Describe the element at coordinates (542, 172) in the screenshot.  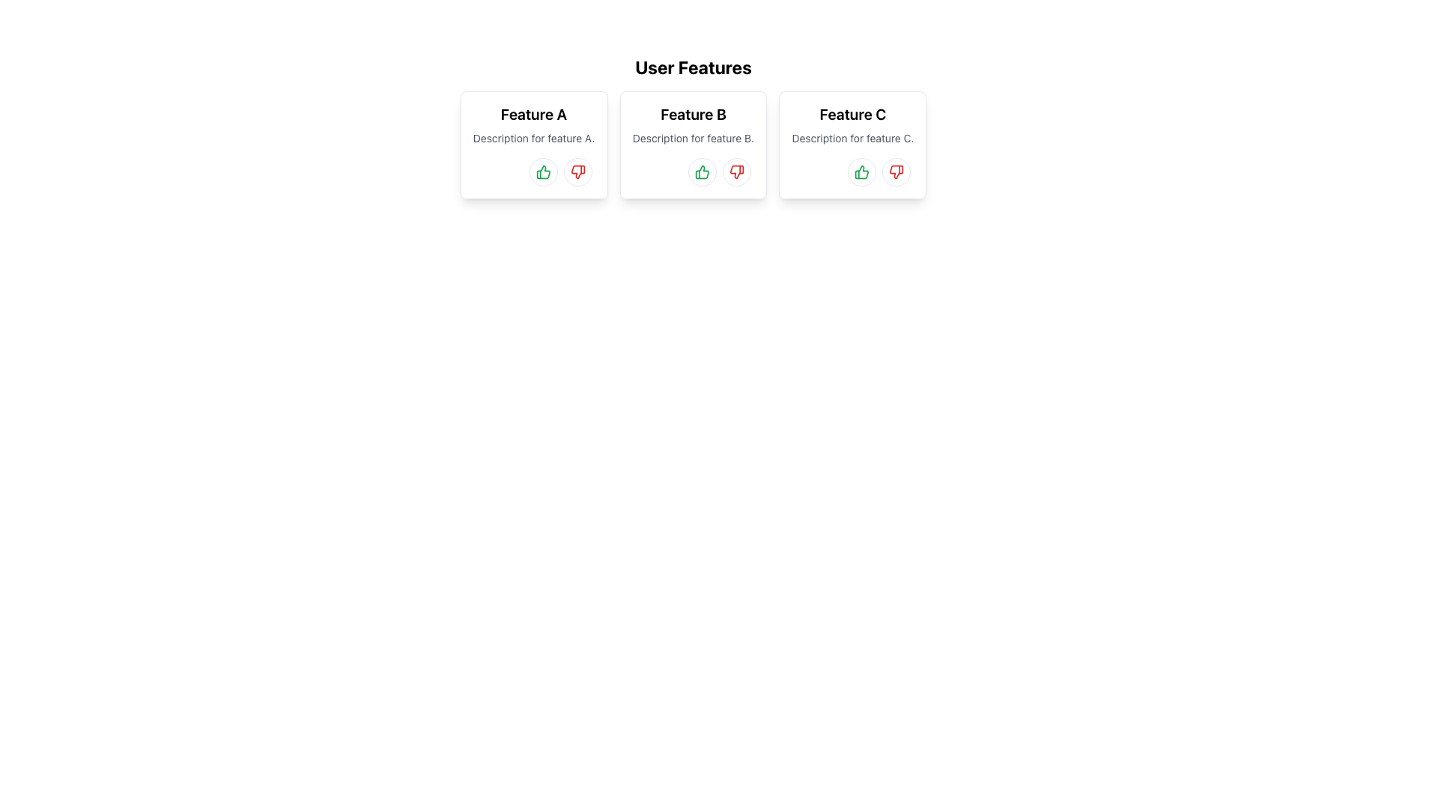
I see `the small green 'thumbs-up' icon within the 'Feature B' card` at that location.